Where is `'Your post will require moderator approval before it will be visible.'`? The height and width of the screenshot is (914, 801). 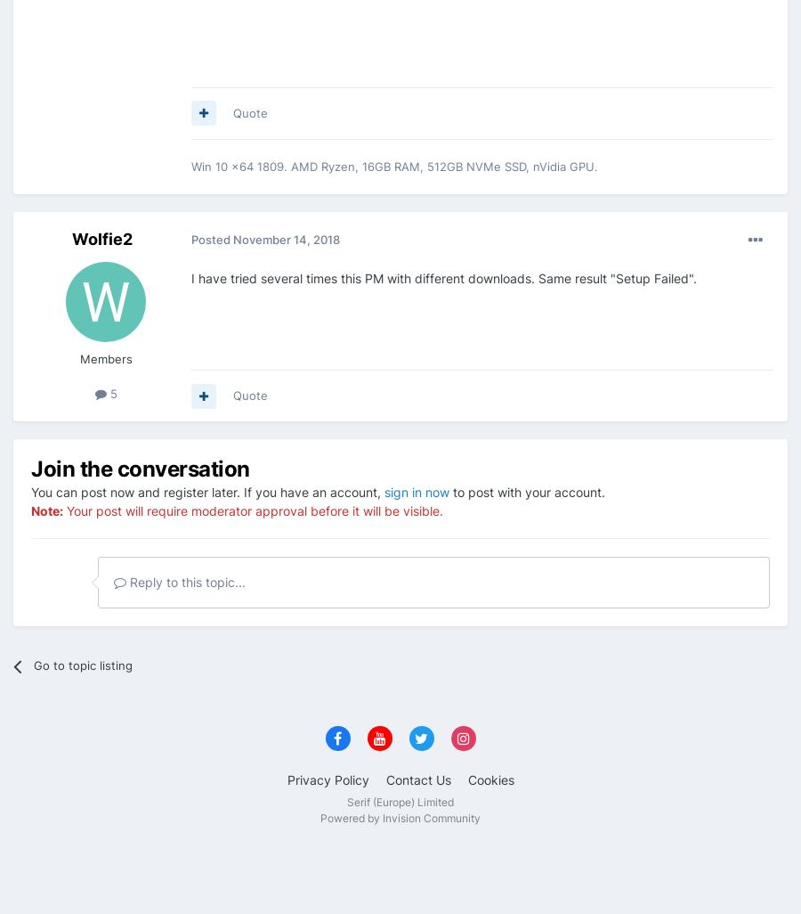
'Your post will require moderator approval before it will be visible.' is located at coordinates (252, 509).